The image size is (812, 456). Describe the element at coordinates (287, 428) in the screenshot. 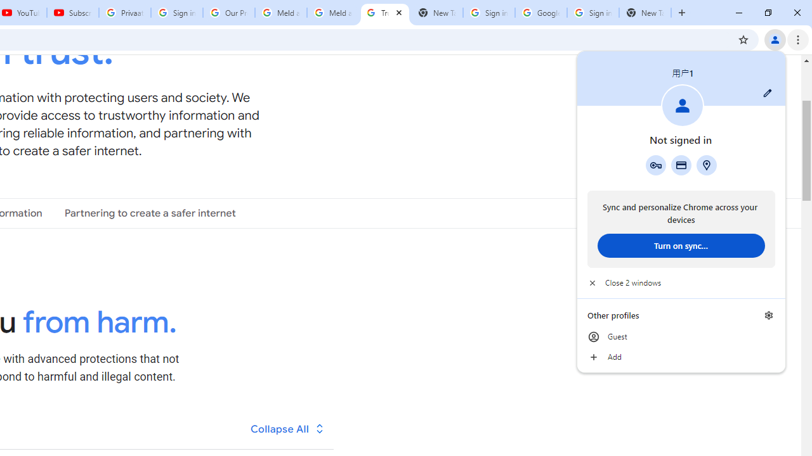

I see `'Collapse All'` at that location.